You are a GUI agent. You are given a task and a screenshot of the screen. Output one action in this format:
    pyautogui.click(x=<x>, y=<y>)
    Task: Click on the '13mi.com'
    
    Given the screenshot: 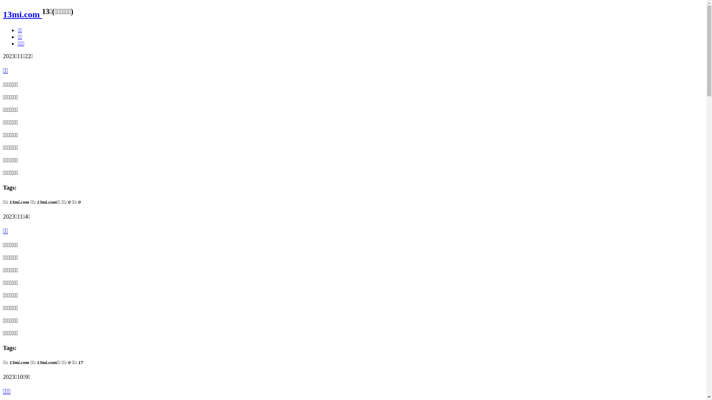 What is the action you would take?
    pyautogui.click(x=3, y=14)
    